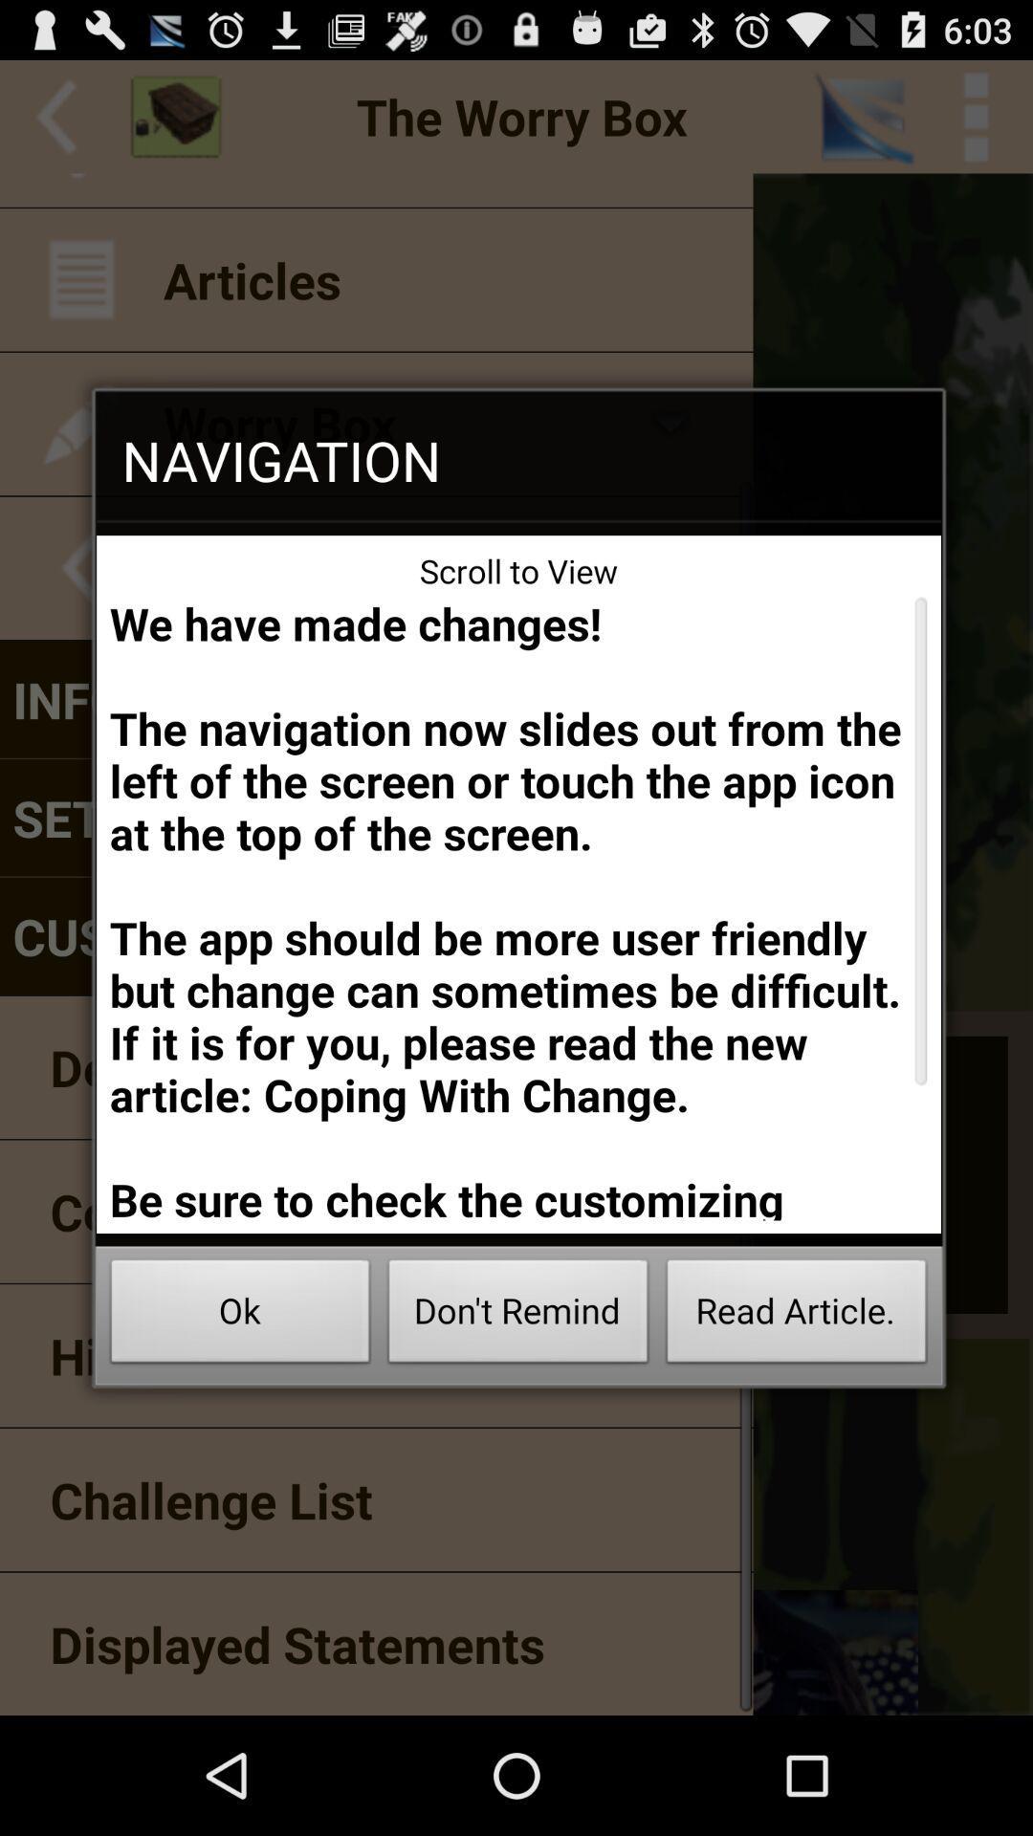  What do you see at coordinates (518, 1316) in the screenshot?
I see `the icon below the we have made app` at bounding box center [518, 1316].